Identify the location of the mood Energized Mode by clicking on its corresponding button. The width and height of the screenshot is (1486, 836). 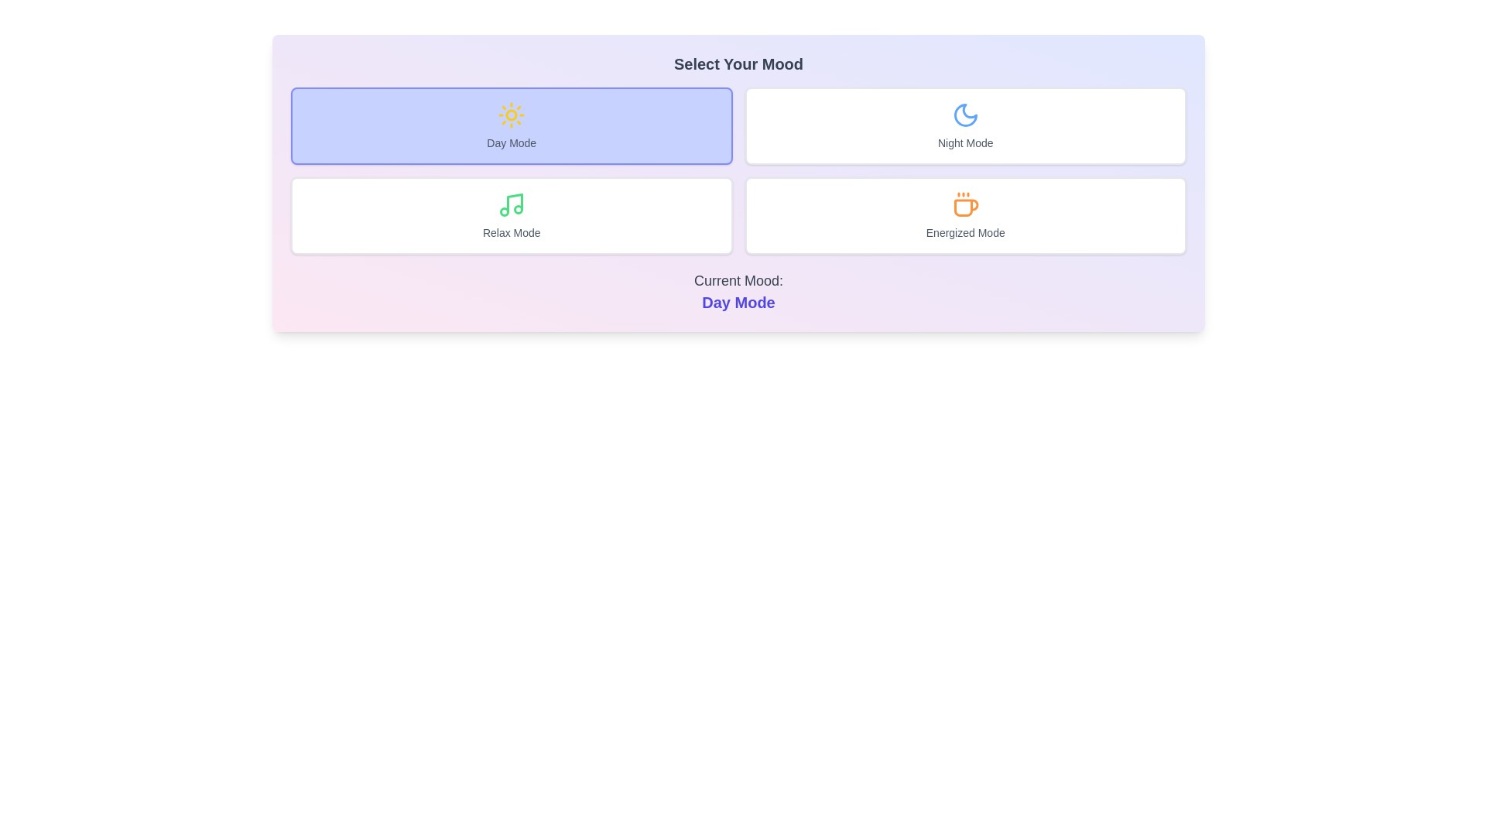
(964, 215).